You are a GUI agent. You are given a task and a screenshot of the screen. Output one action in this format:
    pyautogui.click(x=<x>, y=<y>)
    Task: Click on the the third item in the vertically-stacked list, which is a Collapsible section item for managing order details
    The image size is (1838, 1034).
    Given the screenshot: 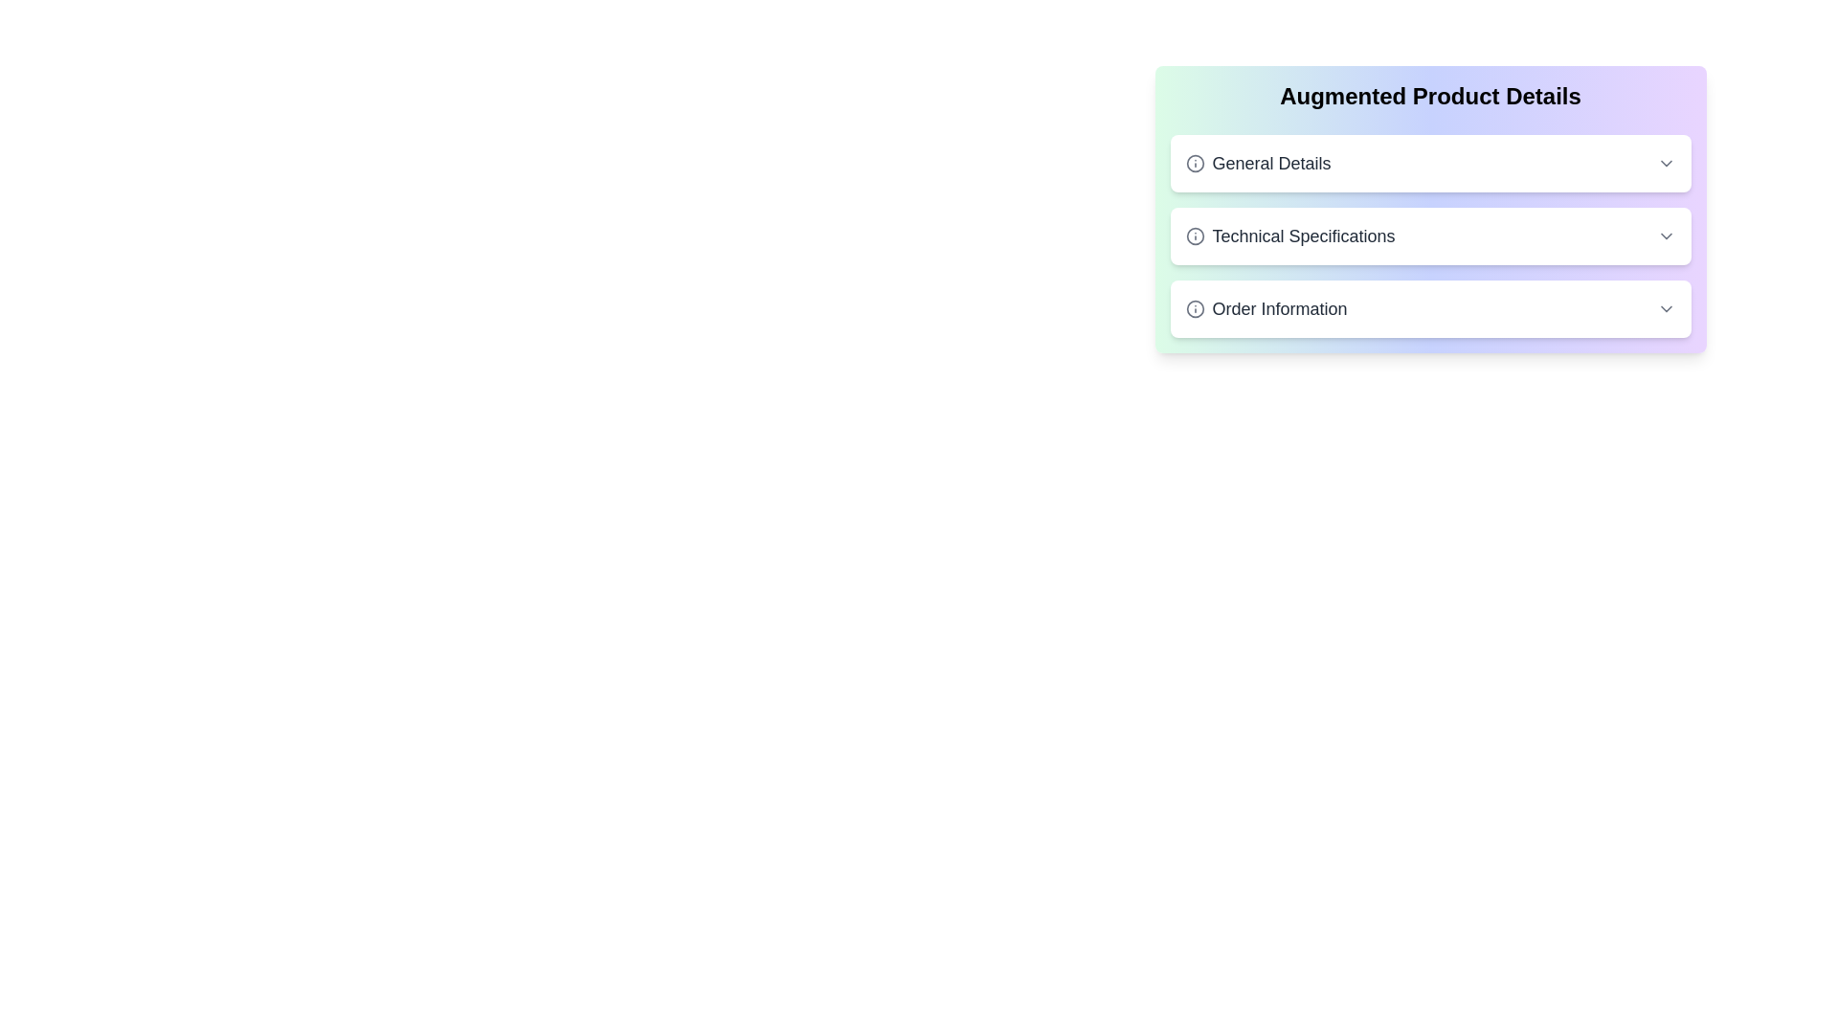 What is the action you would take?
    pyautogui.click(x=1430, y=308)
    